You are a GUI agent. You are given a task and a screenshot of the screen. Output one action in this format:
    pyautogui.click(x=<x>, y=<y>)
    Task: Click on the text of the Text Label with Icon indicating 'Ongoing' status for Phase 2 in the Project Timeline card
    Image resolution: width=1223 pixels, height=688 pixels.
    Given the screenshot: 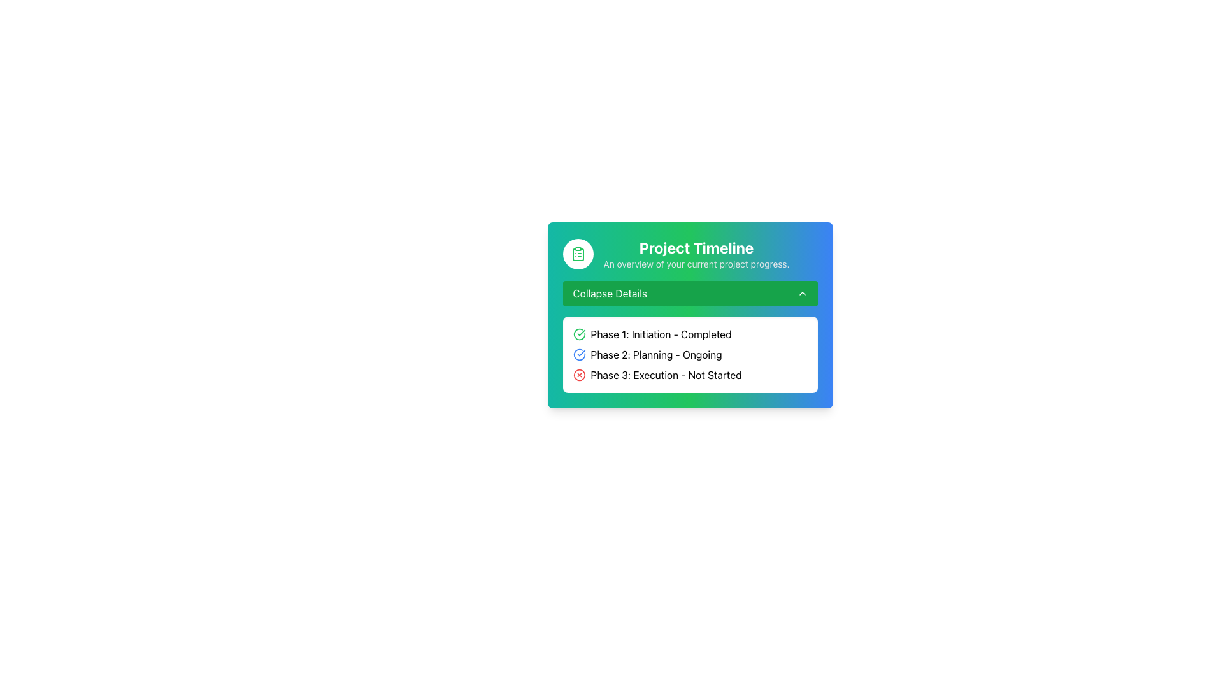 What is the action you would take?
    pyautogui.click(x=689, y=354)
    